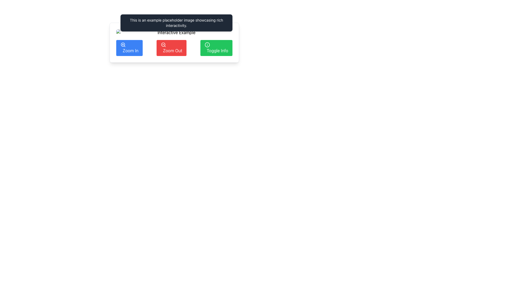  I want to click on the blue 'Zoom In' button with a magnifying glass icon, so click(129, 48).